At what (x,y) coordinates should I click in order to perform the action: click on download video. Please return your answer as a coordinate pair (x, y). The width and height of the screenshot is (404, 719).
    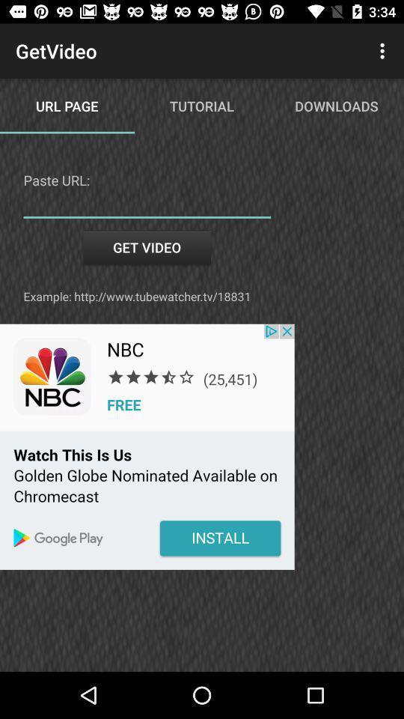
    Looking at the image, I should click on (147, 206).